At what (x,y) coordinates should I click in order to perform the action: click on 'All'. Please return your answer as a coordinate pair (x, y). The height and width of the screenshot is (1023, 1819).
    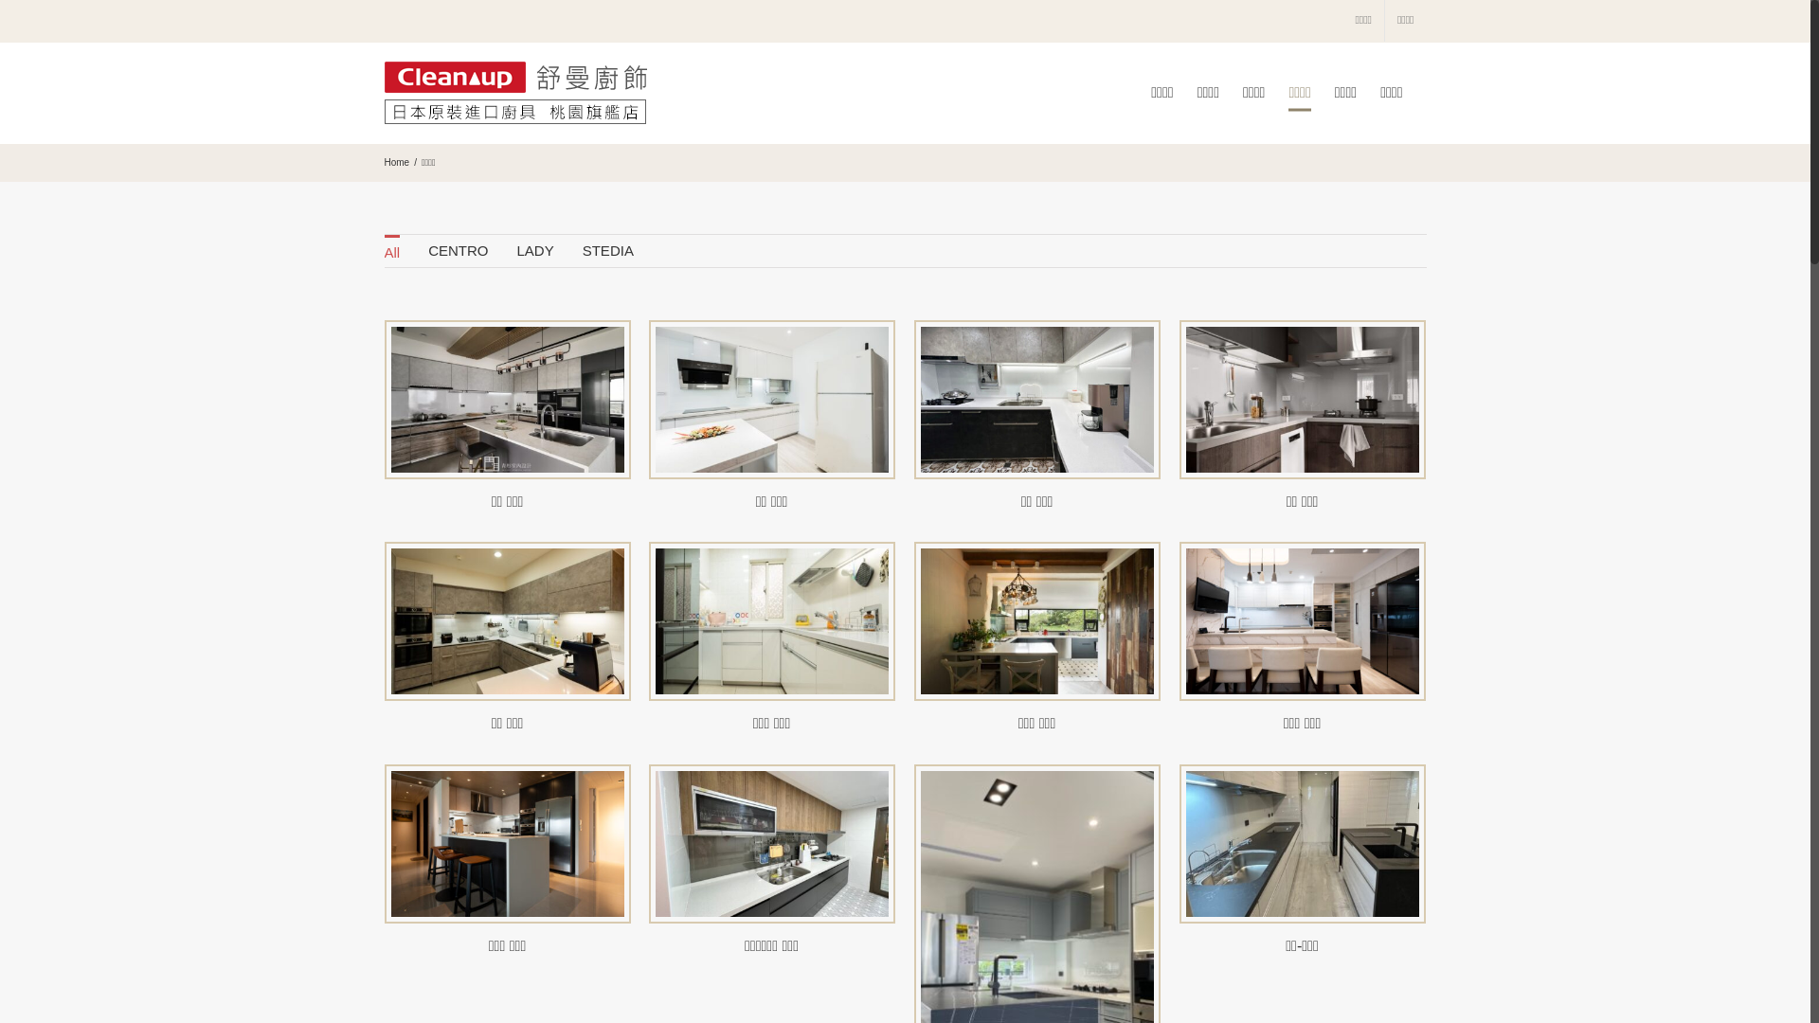
    Looking at the image, I should click on (391, 250).